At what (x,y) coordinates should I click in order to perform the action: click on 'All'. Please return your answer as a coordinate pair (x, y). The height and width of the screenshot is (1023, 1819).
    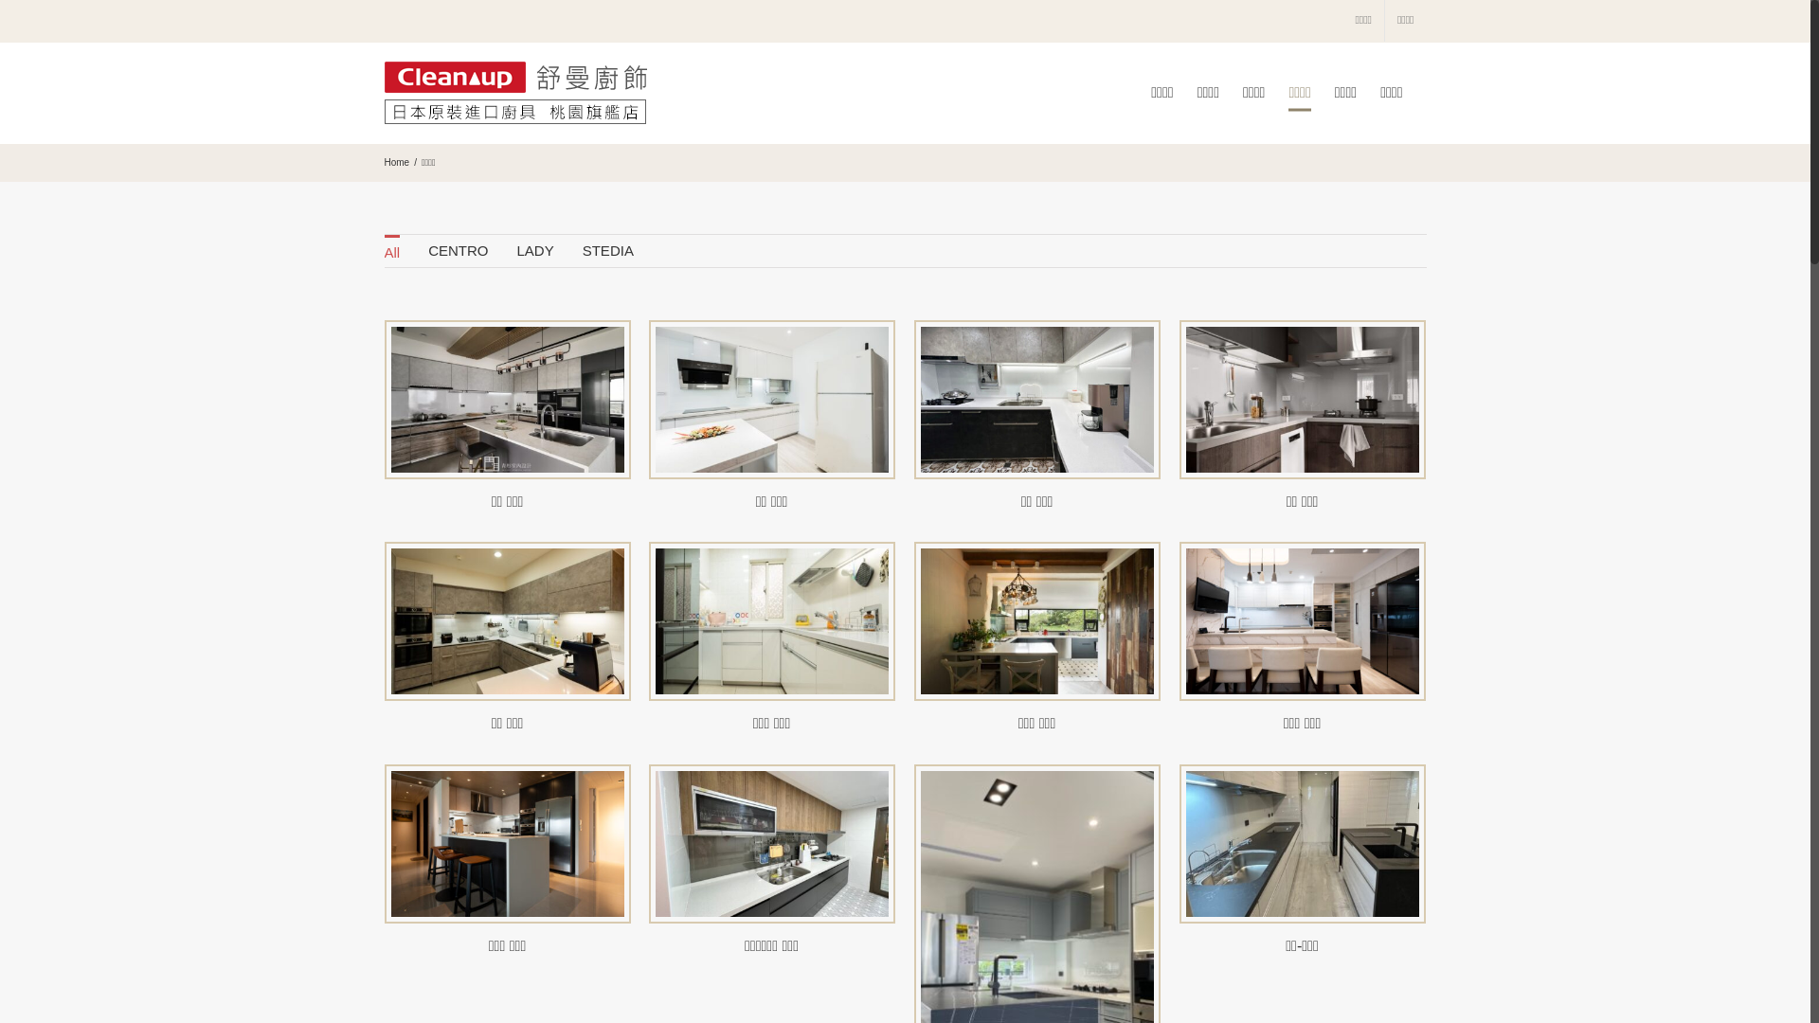
    Looking at the image, I should click on (391, 250).